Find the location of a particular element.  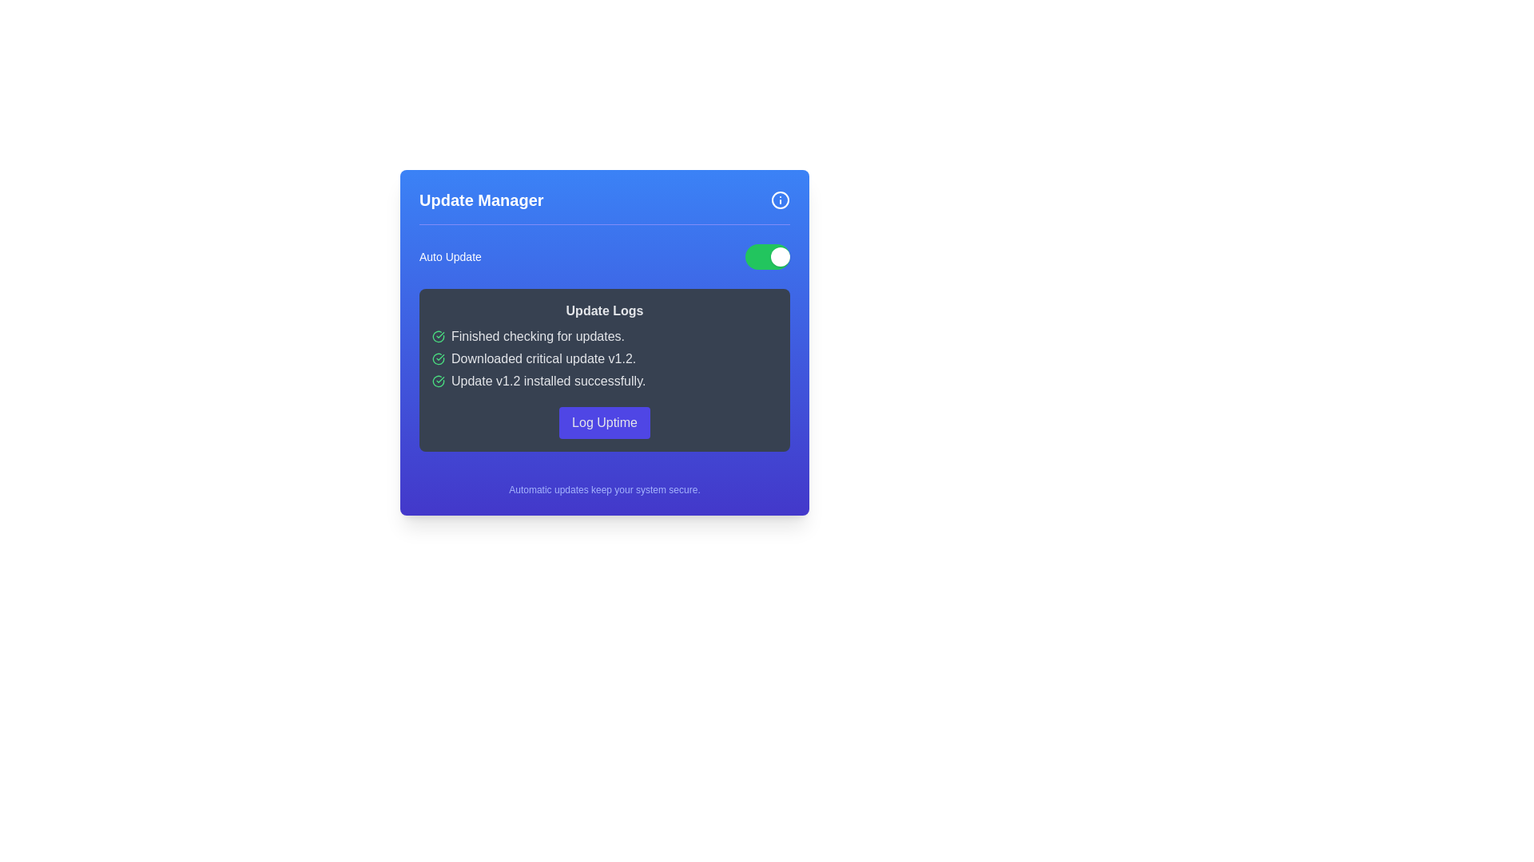

the success message icon located to the left of the text 'Update v1.2 installed successfully' within the update logs box is located at coordinates (438, 382).